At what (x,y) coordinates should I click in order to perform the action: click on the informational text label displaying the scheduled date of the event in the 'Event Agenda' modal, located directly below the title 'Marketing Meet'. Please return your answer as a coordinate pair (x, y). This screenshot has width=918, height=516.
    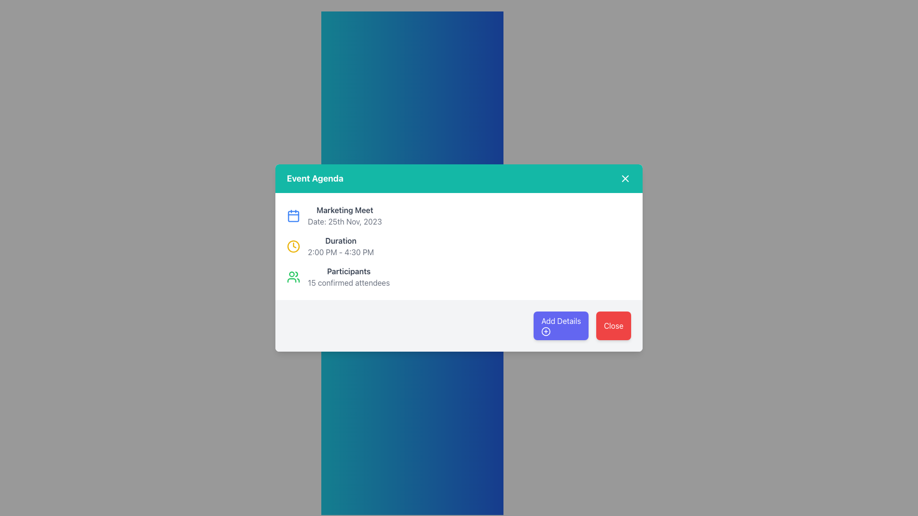
    Looking at the image, I should click on (344, 221).